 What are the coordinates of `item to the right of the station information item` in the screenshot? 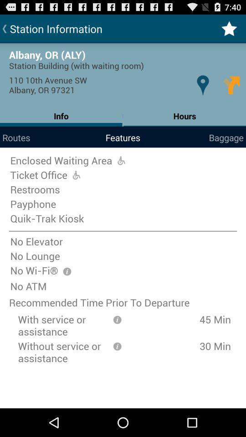 It's located at (229, 28).